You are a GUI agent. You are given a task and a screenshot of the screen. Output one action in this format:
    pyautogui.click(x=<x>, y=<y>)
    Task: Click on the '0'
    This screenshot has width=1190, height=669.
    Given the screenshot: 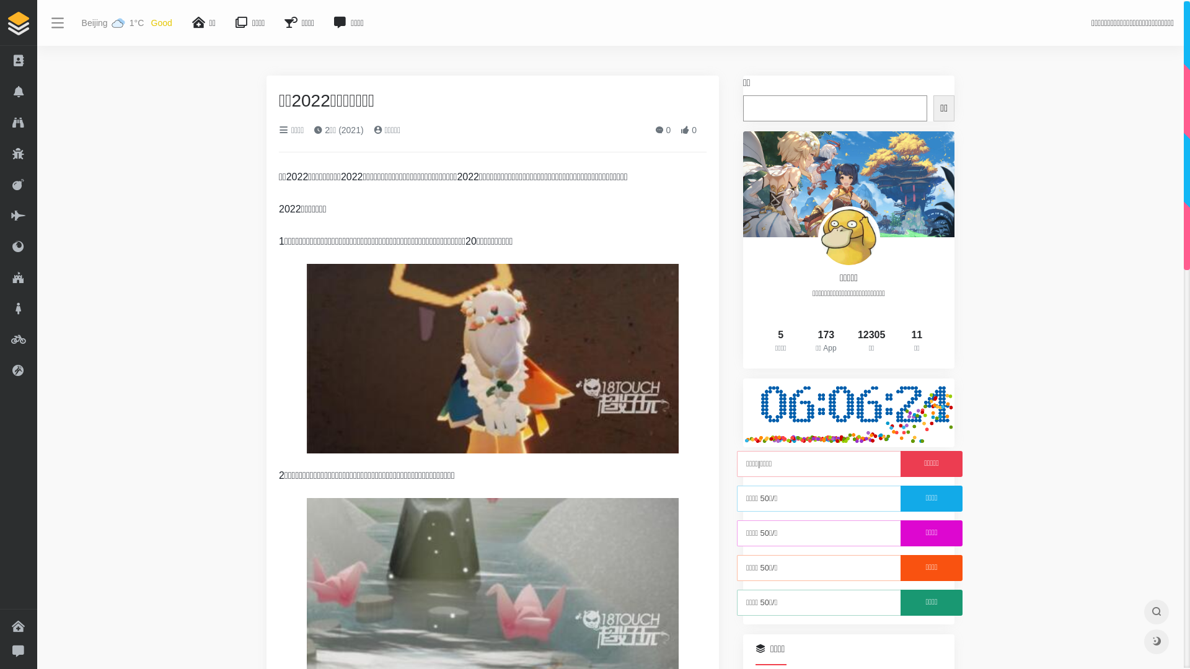 What is the action you would take?
    pyautogui.click(x=663, y=129)
    